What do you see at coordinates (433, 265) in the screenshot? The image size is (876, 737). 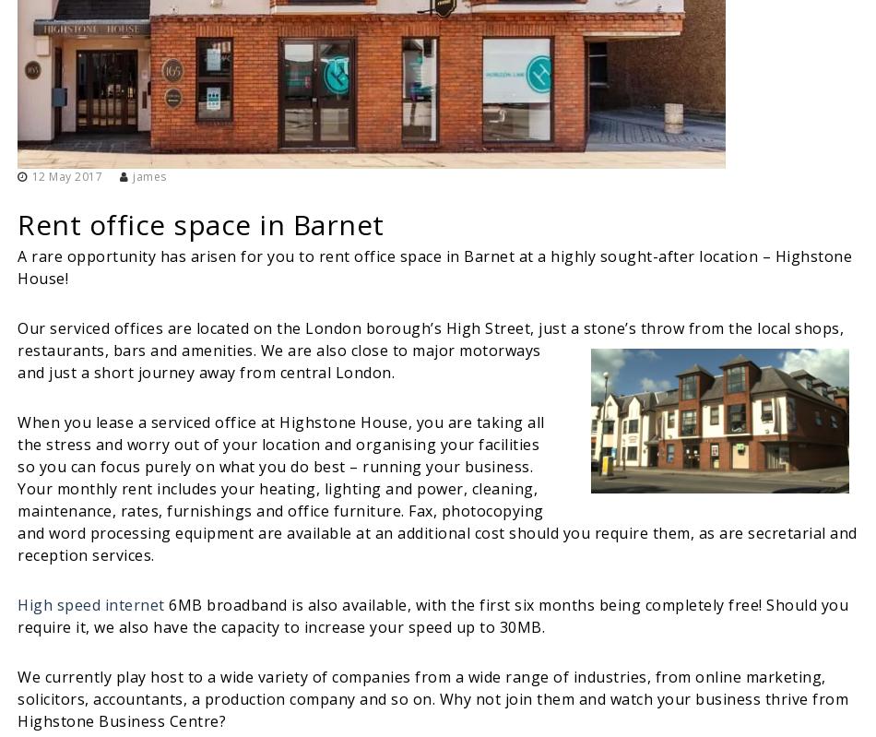 I see `'A rare opportunity has arisen for you to rent office space in Barnet at a highly sought-after location – Highstone House!'` at bounding box center [433, 265].